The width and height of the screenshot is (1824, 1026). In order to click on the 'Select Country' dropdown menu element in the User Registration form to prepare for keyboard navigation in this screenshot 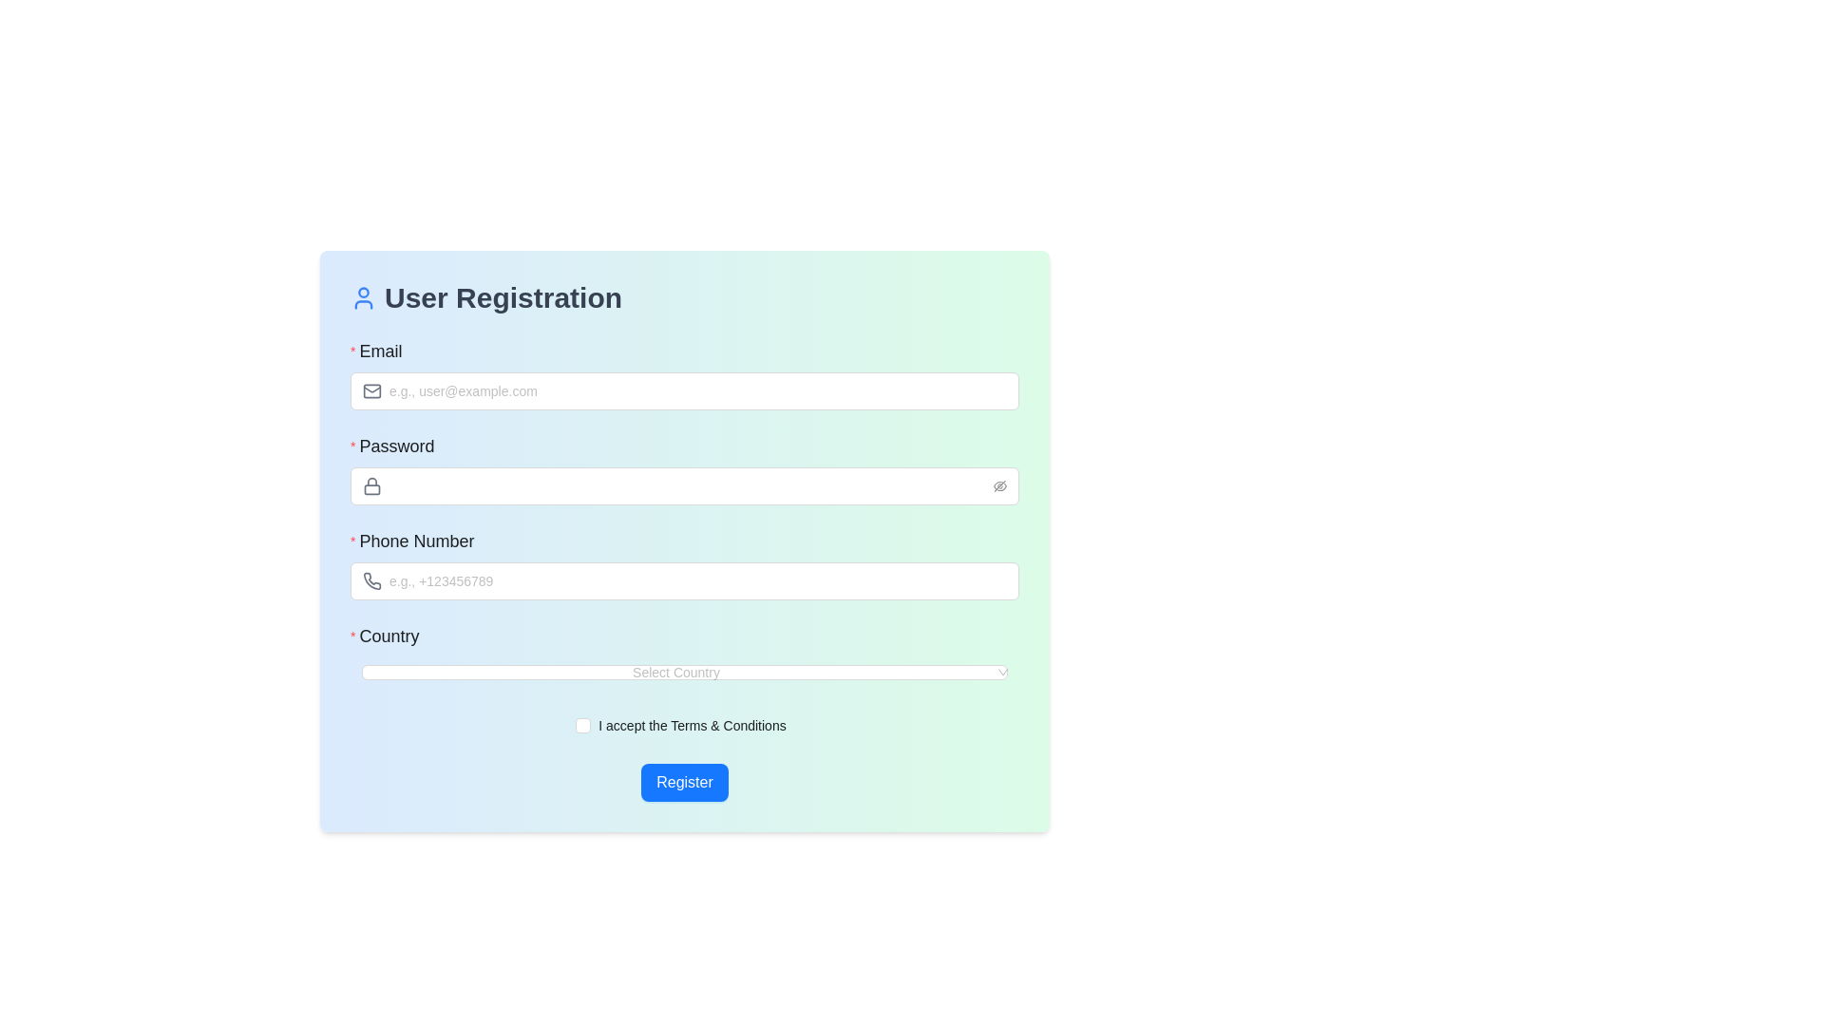, I will do `click(684, 672)`.